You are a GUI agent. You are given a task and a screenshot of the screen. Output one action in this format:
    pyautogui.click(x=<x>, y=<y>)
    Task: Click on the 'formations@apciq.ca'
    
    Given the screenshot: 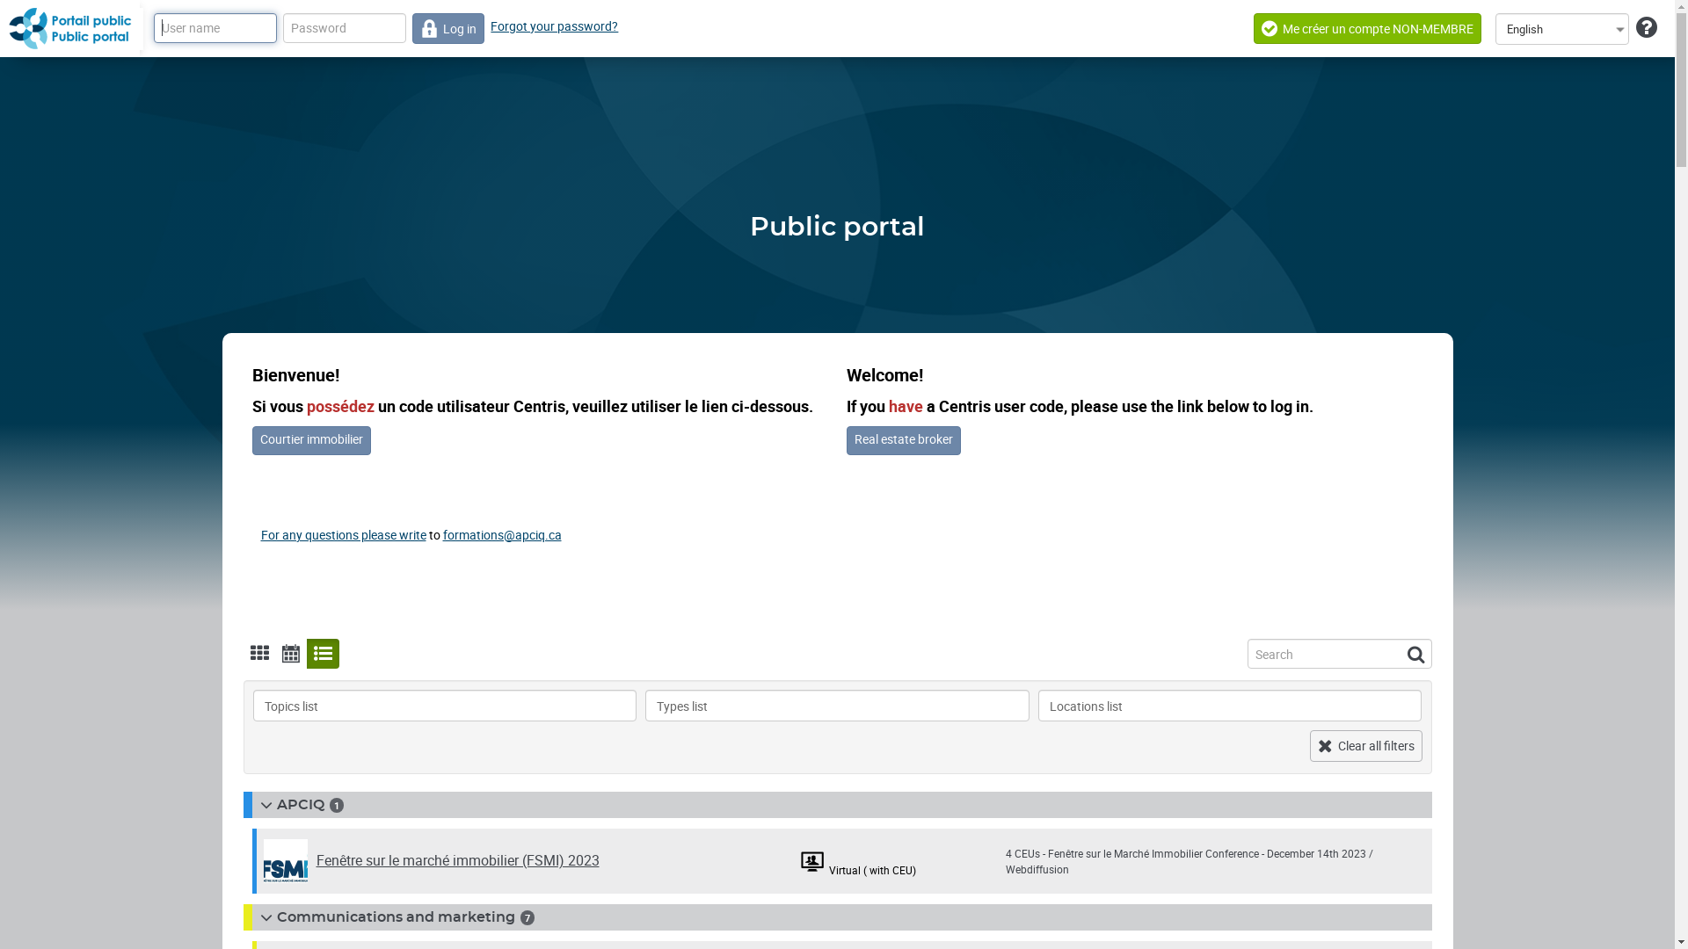 What is the action you would take?
    pyautogui.click(x=501, y=533)
    